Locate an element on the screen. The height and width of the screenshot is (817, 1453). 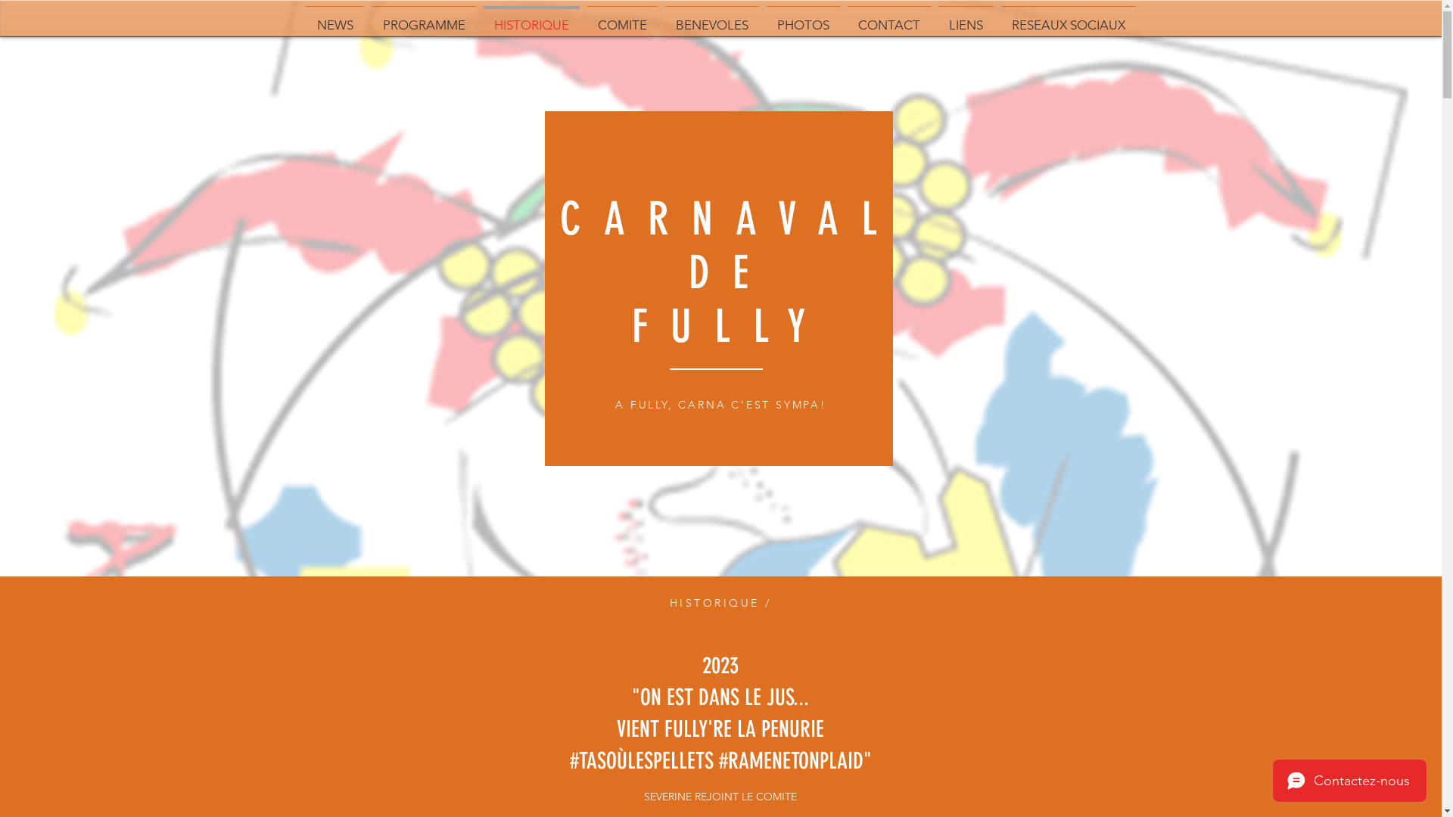
'LIENS' is located at coordinates (965, 18).